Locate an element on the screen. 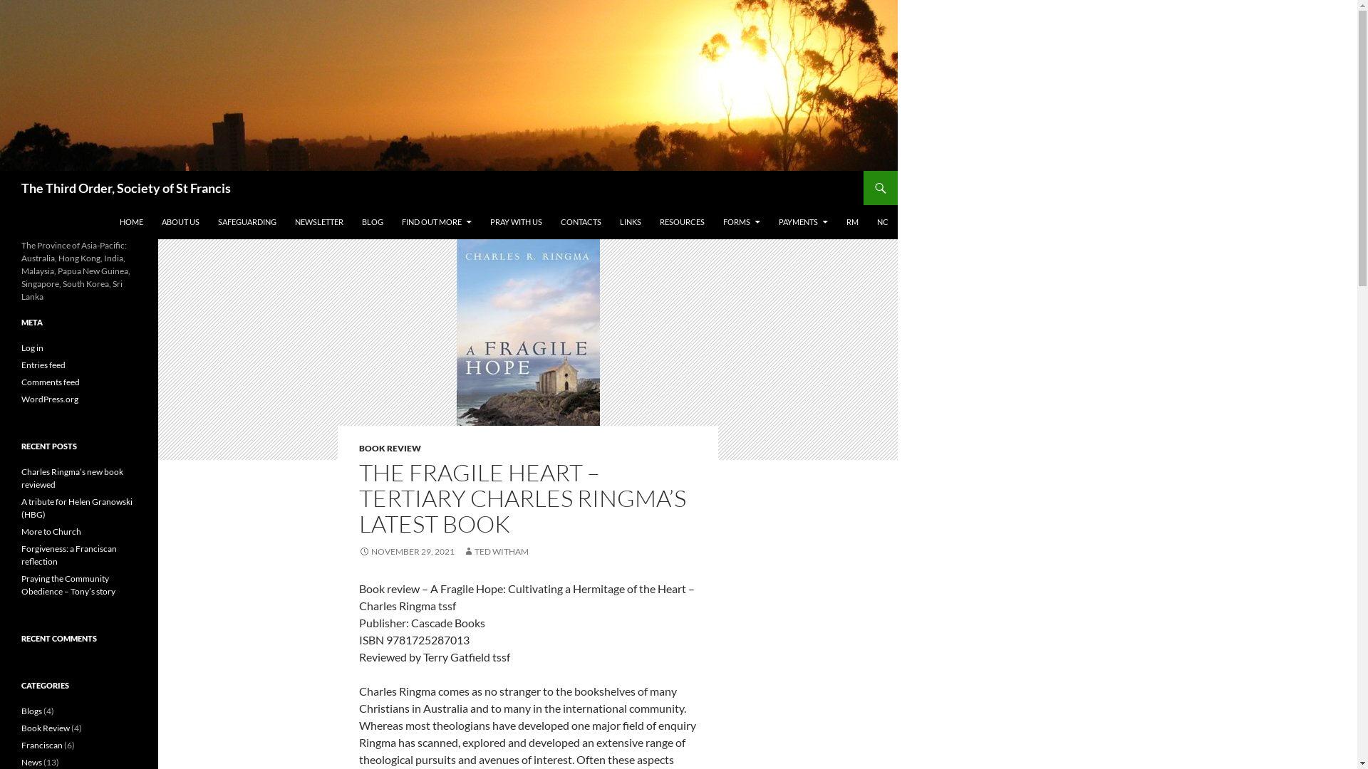 This screenshot has width=1368, height=769. 'NOVEMBER 29, 2021' is located at coordinates (406, 550).